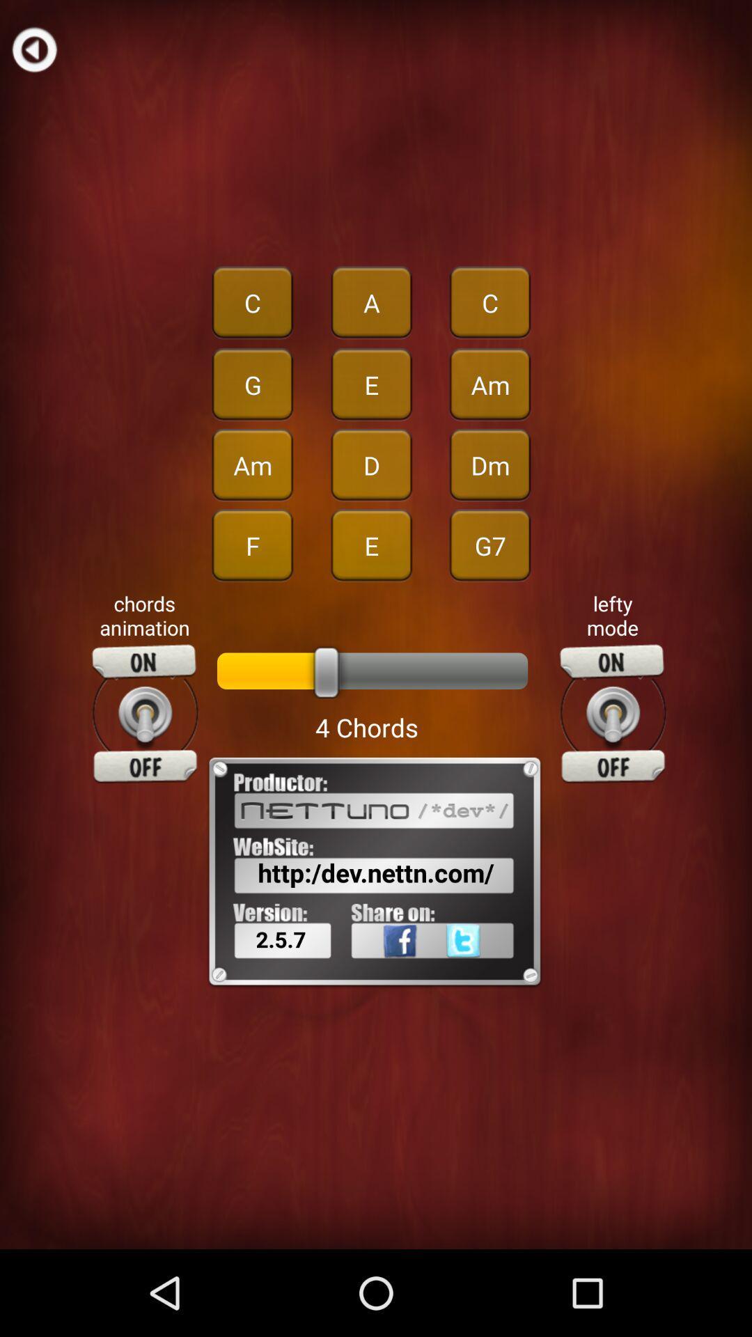 This screenshot has width=752, height=1337. Describe the element at coordinates (376, 872) in the screenshot. I see `http dev nettn item` at that location.